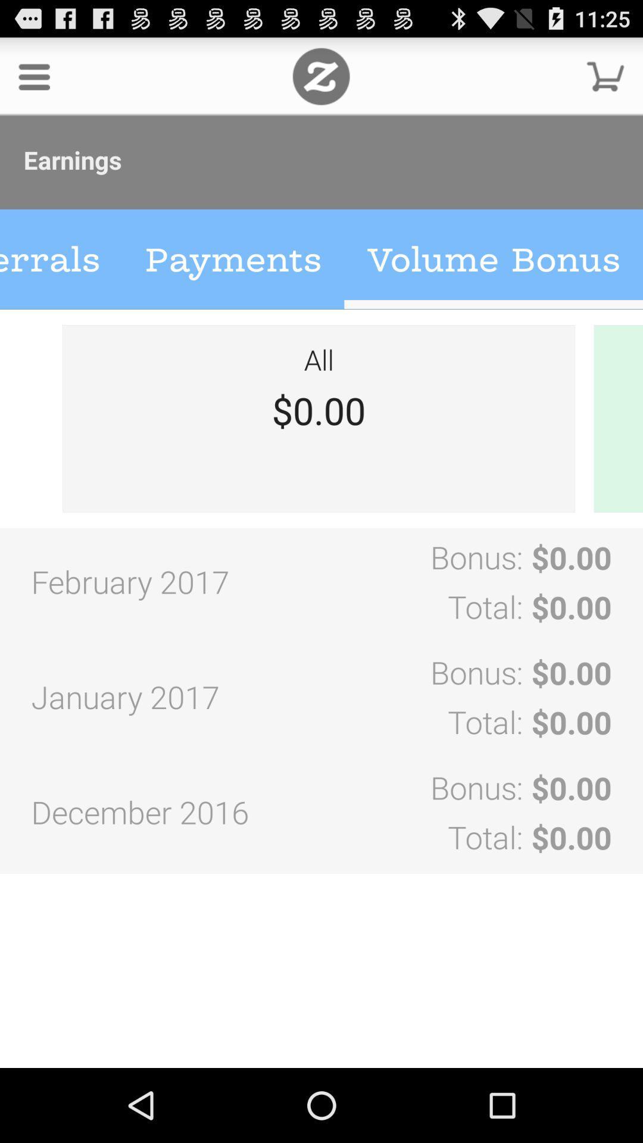 The height and width of the screenshot is (1143, 643). I want to click on home screen, so click(320, 76).